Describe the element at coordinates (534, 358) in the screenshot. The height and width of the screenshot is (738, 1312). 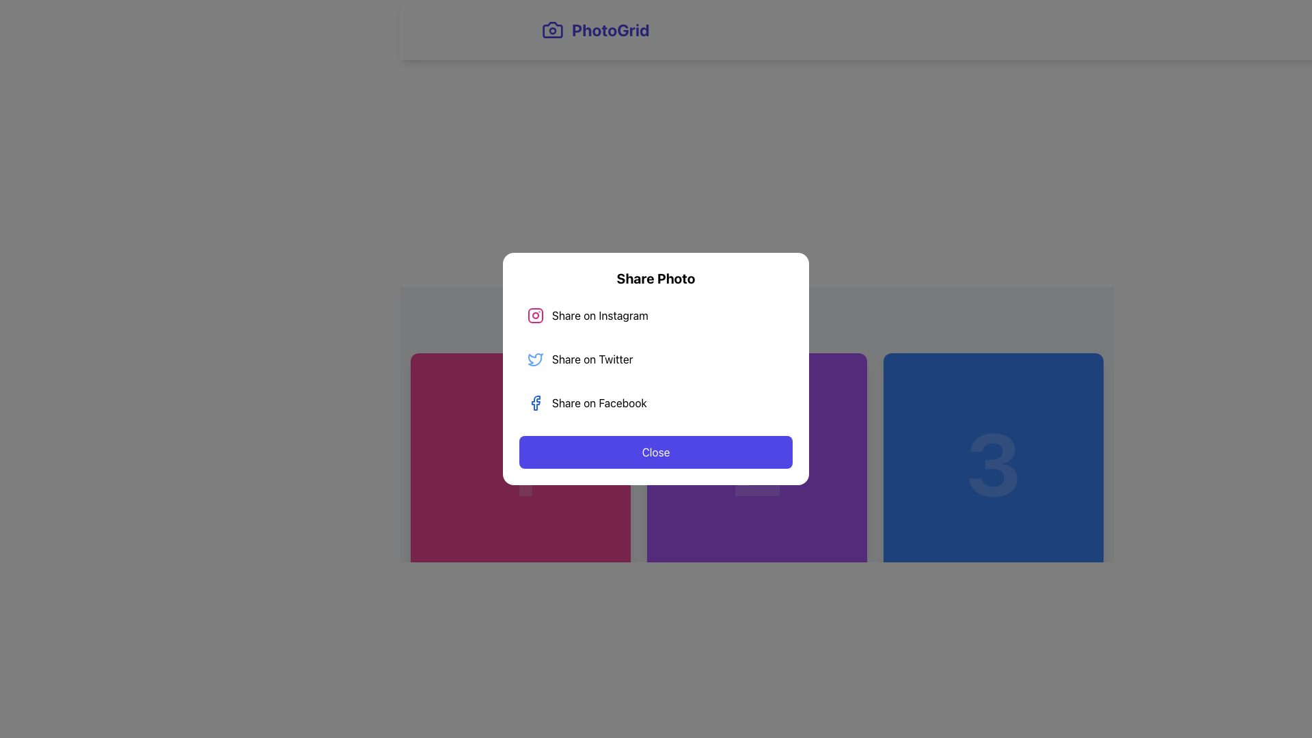
I see `the Twitter icon, which is a light blue bird silhouette in the 'Share Photo' dialog, to share on Twitter` at that location.